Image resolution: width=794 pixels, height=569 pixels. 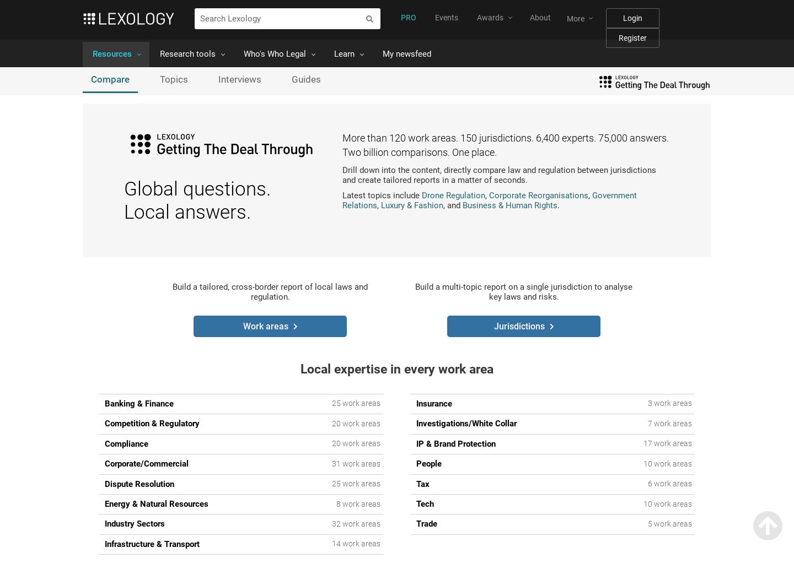 What do you see at coordinates (523, 291) in the screenshot?
I see `'Build a multi-topic report on a single jurisdiction to analyse key laws and risks.'` at bounding box center [523, 291].